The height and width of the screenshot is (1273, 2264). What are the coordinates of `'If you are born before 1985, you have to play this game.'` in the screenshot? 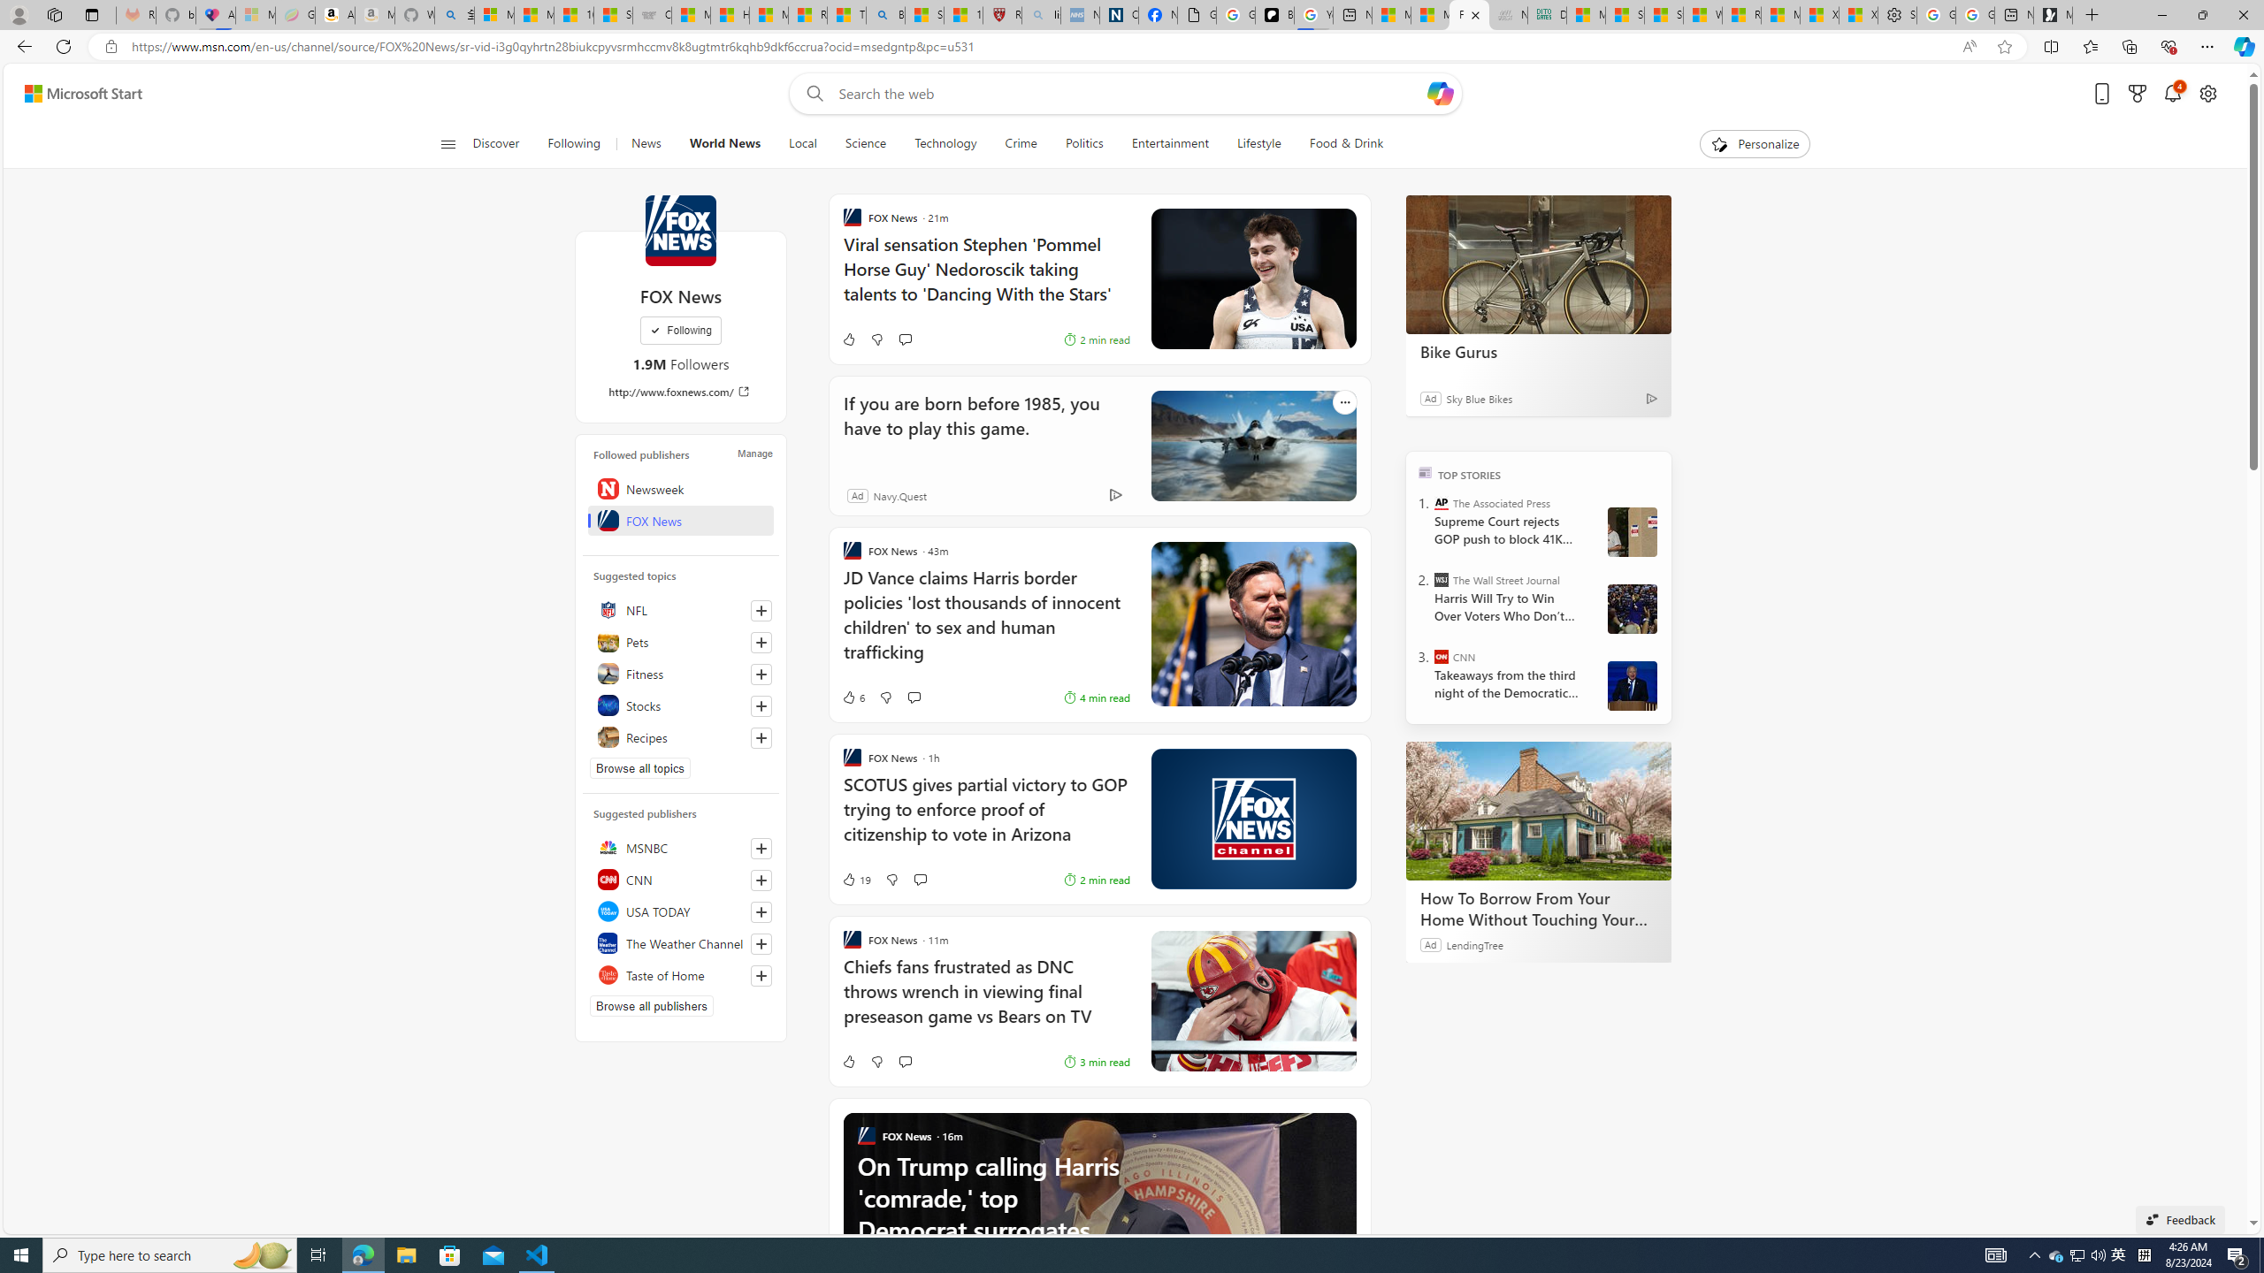 It's located at (1251, 445).